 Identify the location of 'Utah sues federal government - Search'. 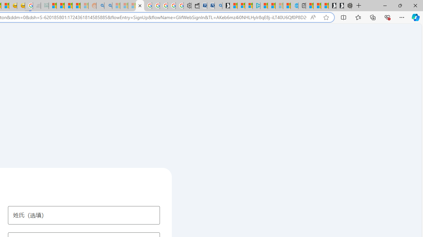
(108, 6).